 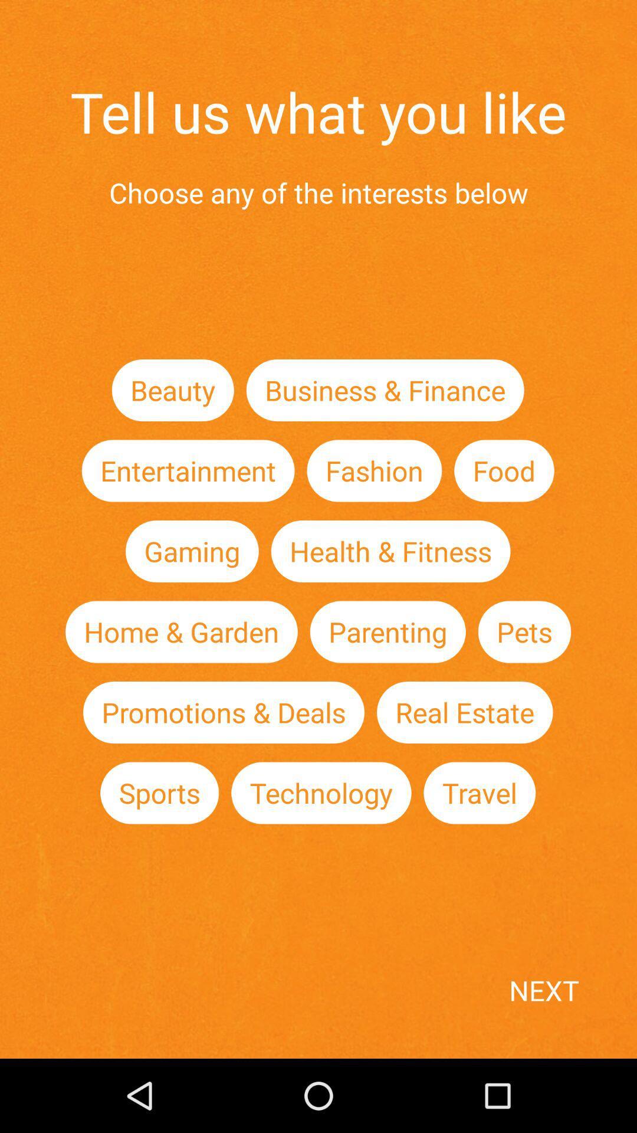 I want to click on icon next to technology icon, so click(x=159, y=793).